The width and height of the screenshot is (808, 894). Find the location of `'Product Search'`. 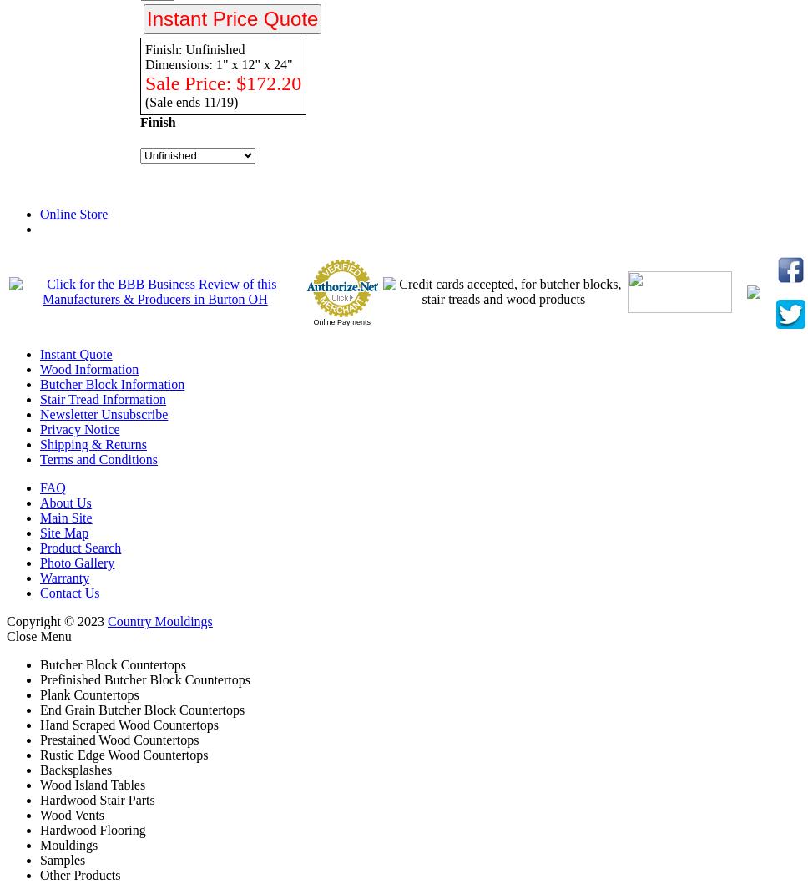

'Product Search' is located at coordinates (80, 547).